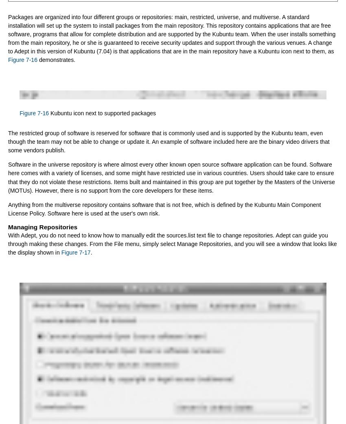  What do you see at coordinates (169, 141) in the screenshot?
I see `'The restricted group of software is reserved for software that is commonly used and is supported by the Kubuntu team, even though the team may not be able to change or update it. An example of software included here are the binary video drivers that some vendors publish.'` at bounding box center [169, 141].